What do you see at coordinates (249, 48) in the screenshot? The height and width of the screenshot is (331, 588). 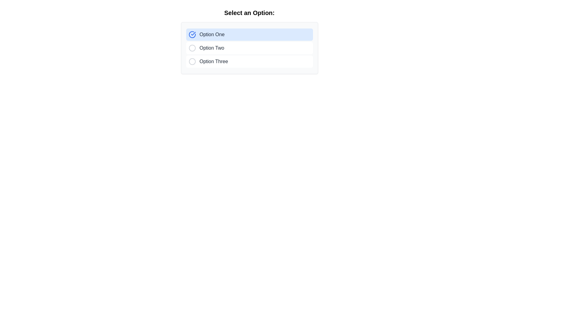 I see `the second unselected option in the vertically stacked list` at bounding box center [249, 48].